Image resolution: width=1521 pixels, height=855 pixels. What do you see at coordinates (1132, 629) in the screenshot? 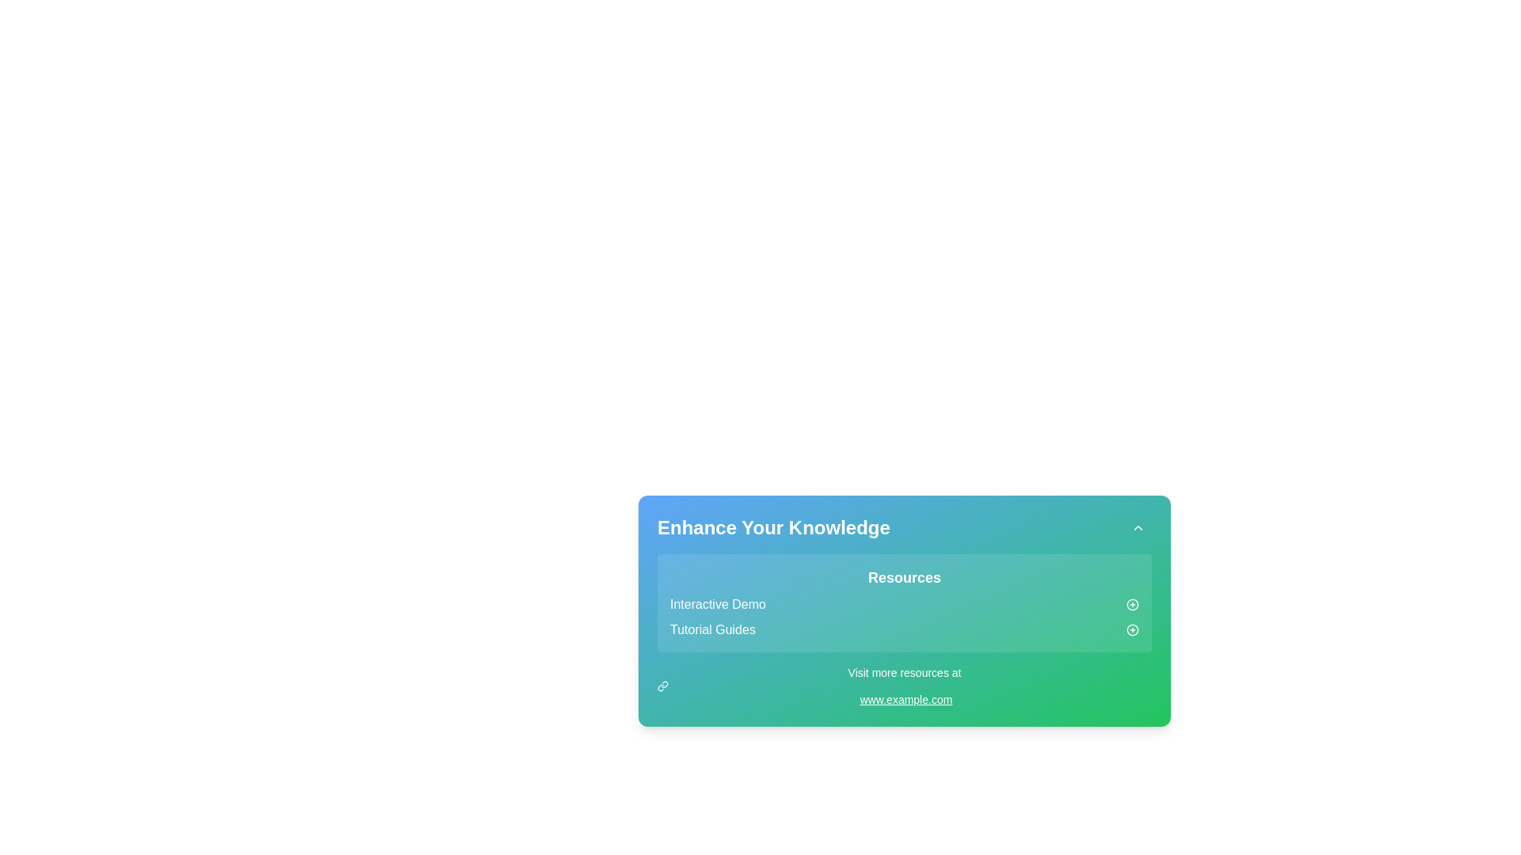
I see `the SVG circle icon located at the bottom-right corner of the green gradient card` at bounding box center [1132, 629].